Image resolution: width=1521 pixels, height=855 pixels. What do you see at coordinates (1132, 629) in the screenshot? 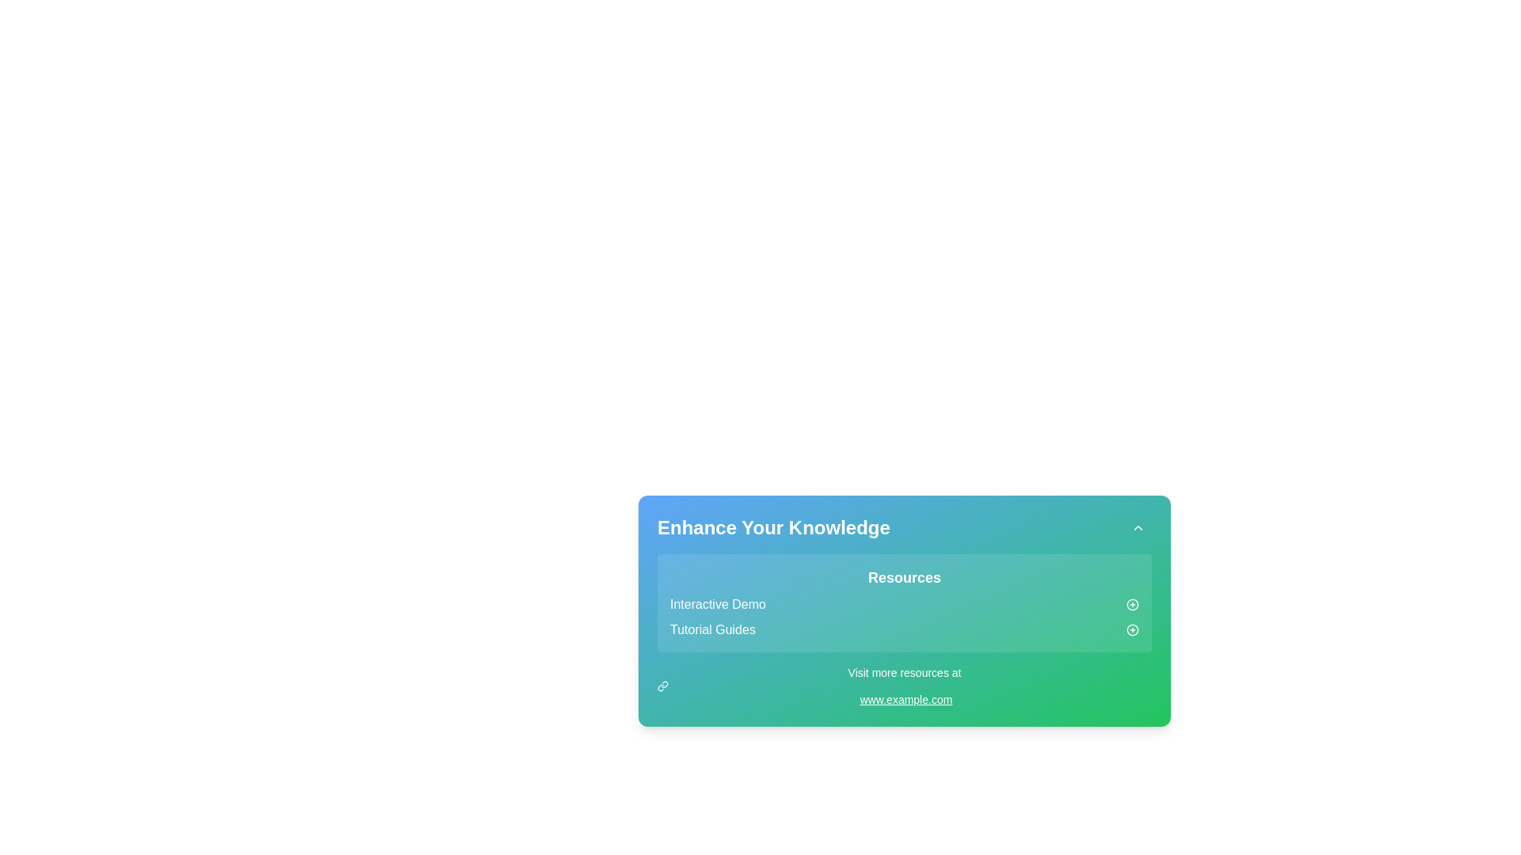
I see `the SVG circle icon located at the bottom-right corner of the green gradient card` at bounding box center [1132, 629].